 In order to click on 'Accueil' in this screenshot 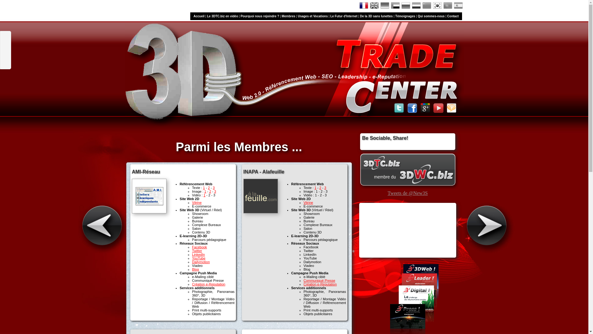, I will do `click(199, 16)`.